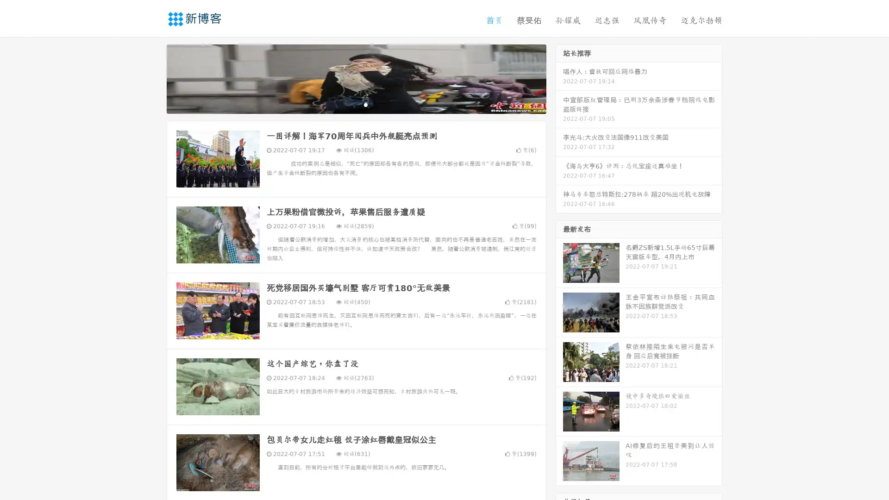 Image resolution: width=889 pixels, height=500 pixels. What do you see at coordinates (559, 78) in the screenshot?
I see `Next slide` at bounding box center [559, 78].